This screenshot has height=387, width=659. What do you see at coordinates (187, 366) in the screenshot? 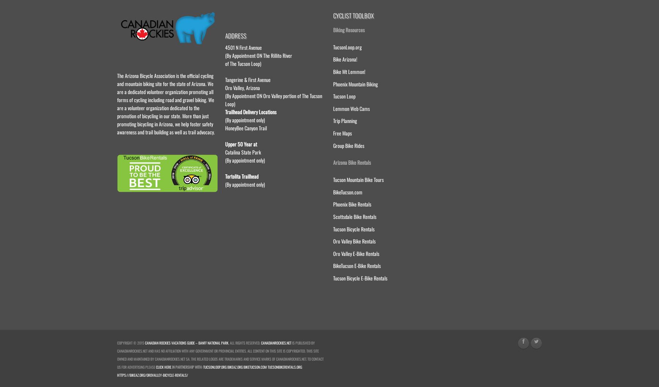
I see `'In Partnership With:'` at bounding box center [187, 366].